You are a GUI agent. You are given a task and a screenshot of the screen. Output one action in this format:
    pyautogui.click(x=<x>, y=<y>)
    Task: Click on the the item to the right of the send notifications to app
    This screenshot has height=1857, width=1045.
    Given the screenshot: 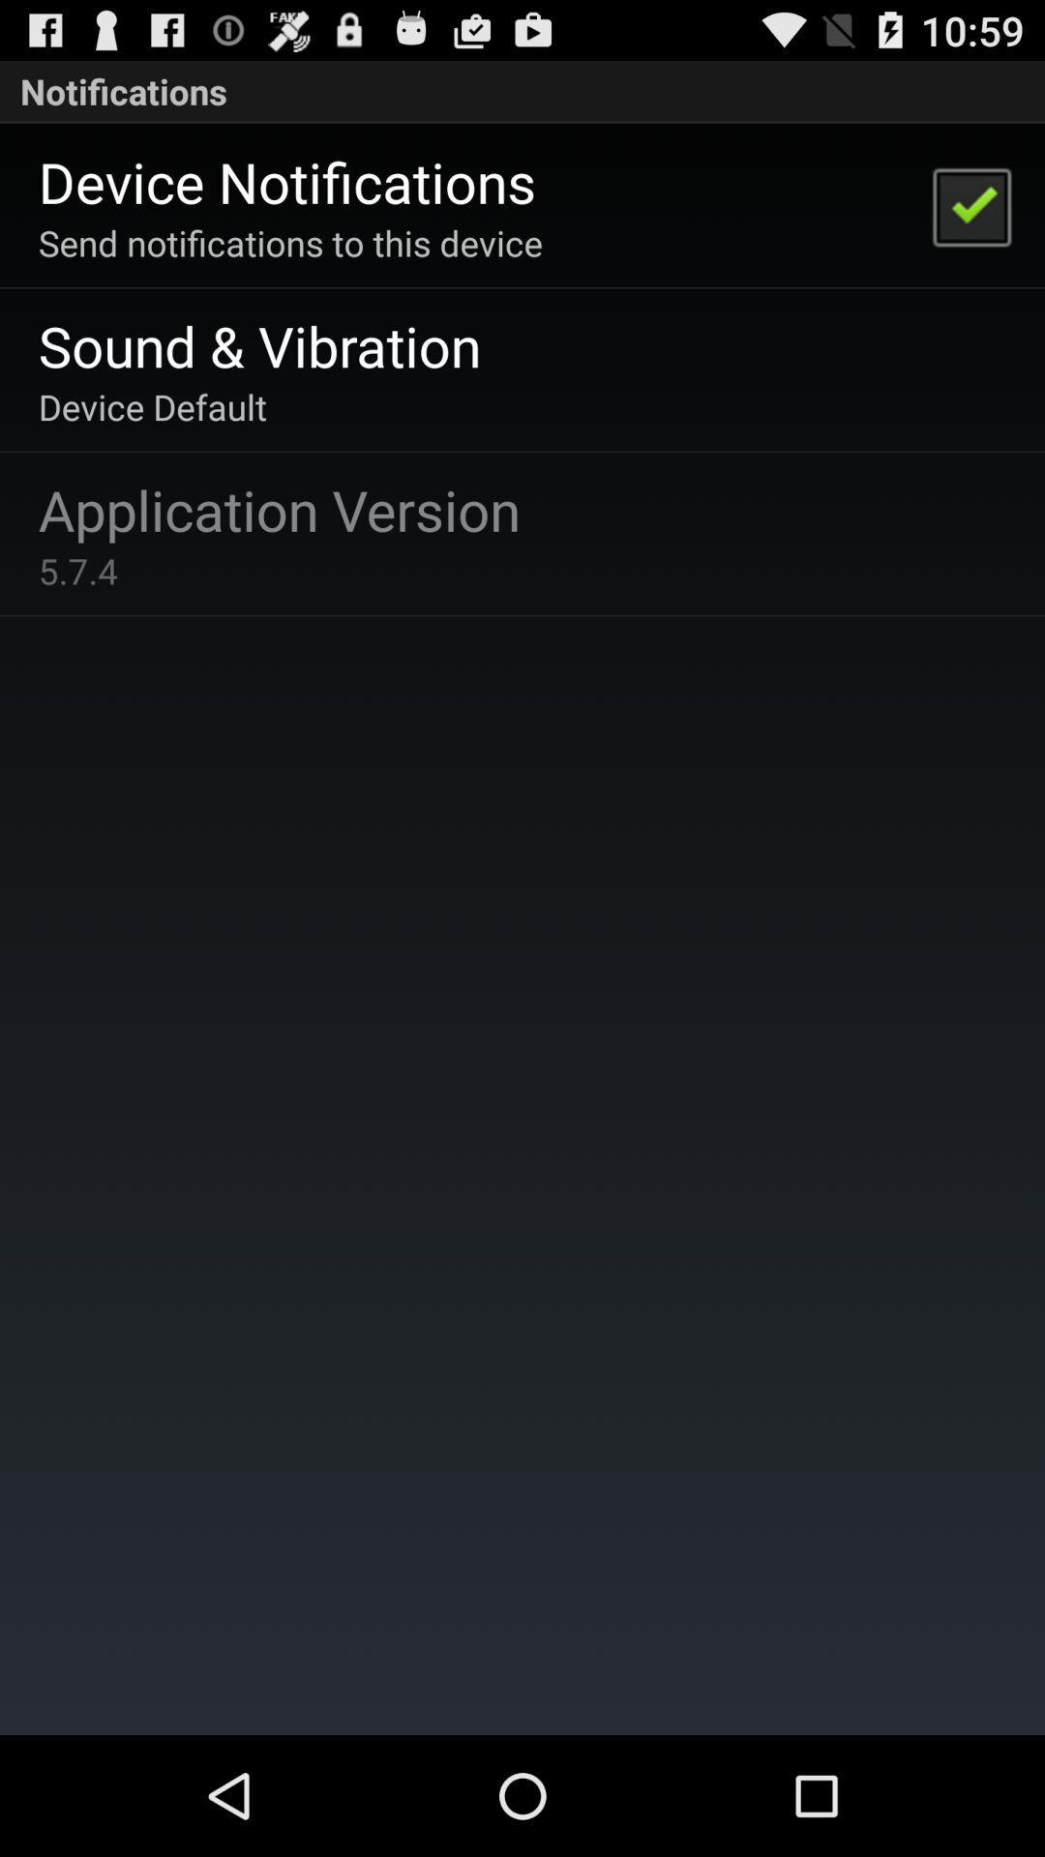 What is the action you would take?
    pyautogui.click(x=970, y=205)
    